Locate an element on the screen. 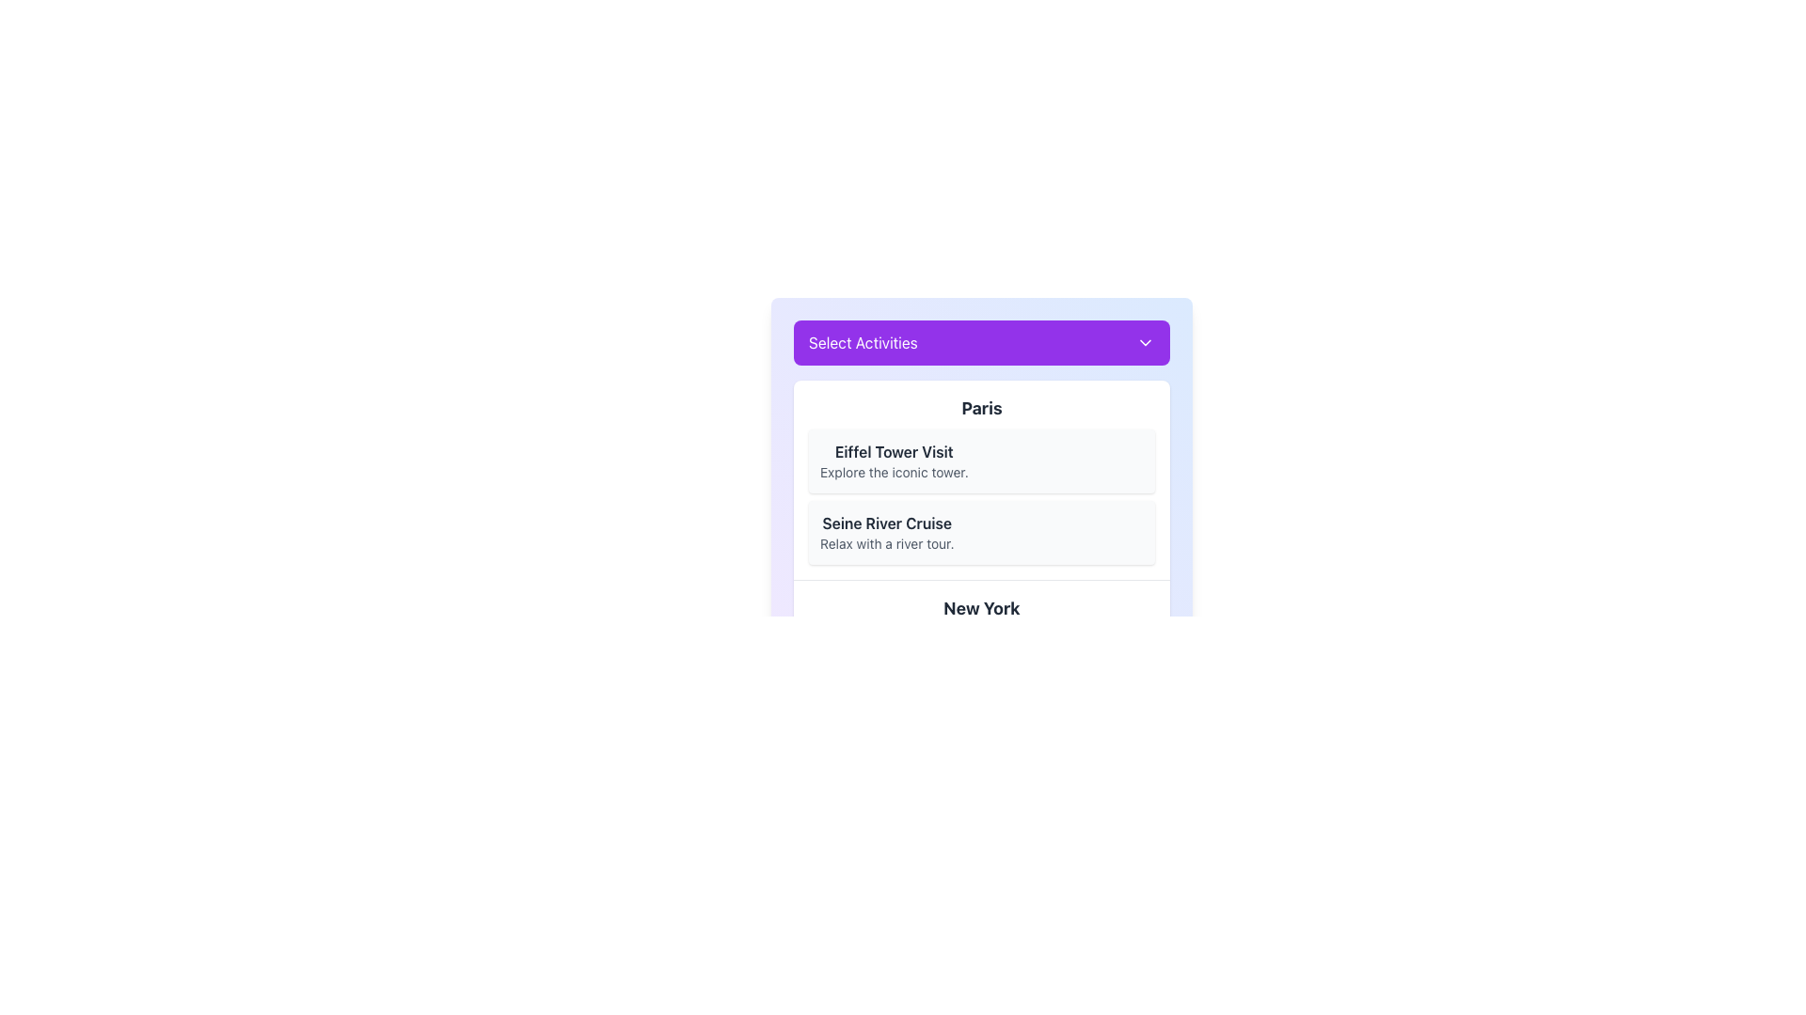 This screenshot has height=1015, width=1806. the List item with dual-line text titled 'Eiffel Tower Visit' to trigger visual feedback, such as a background color change is located at coordinates (893, 461).